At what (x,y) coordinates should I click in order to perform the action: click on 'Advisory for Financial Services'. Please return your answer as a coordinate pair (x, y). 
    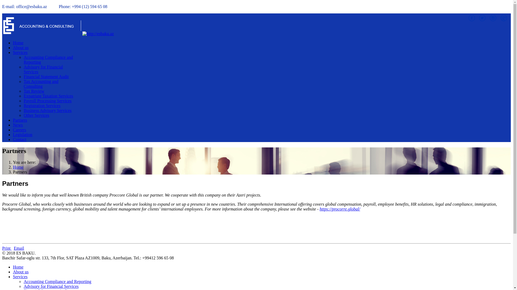
    Looking at the image, I should click on (51, 286).